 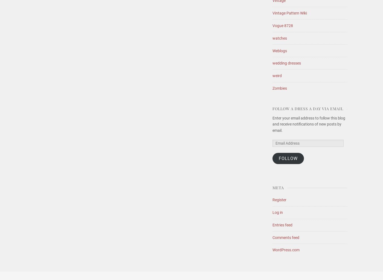 I want to click on 'wedding dresses', so click(x=287, y=63).